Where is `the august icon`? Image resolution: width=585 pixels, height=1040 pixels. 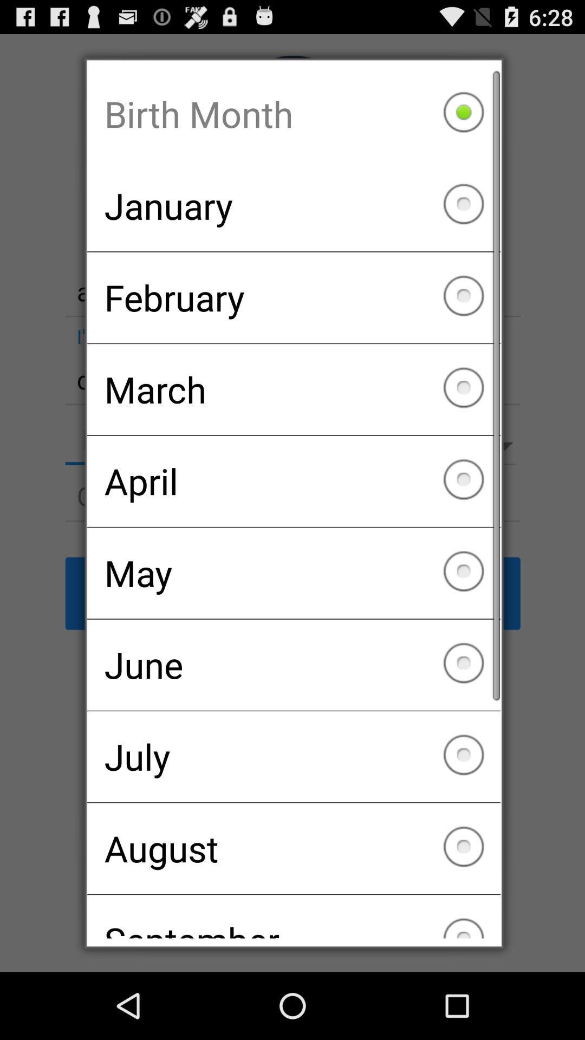 the august icon is located at coordinates (294, 848).